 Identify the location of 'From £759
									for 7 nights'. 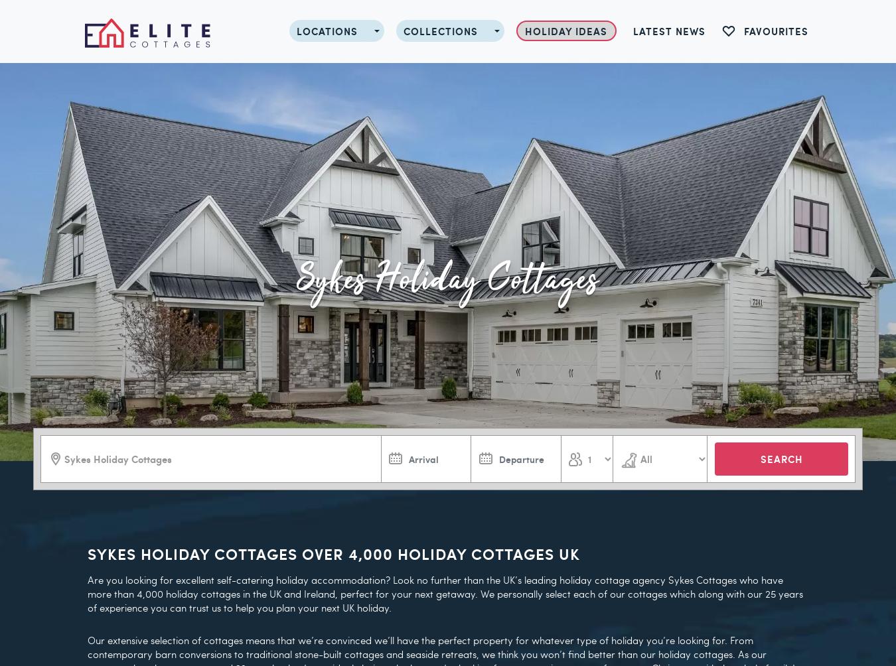
(698, 27).